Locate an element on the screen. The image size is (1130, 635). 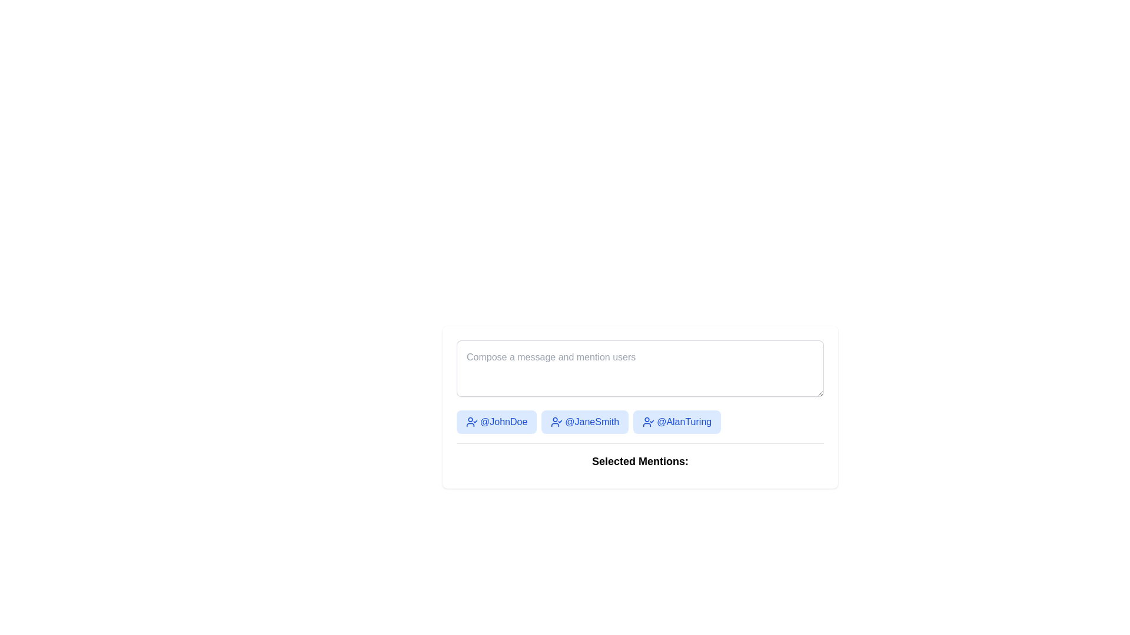
to select the user mention chip for '@JohnDoe', which is the first element in a horizontal list of user mentions is located at coordinates (497, 421).